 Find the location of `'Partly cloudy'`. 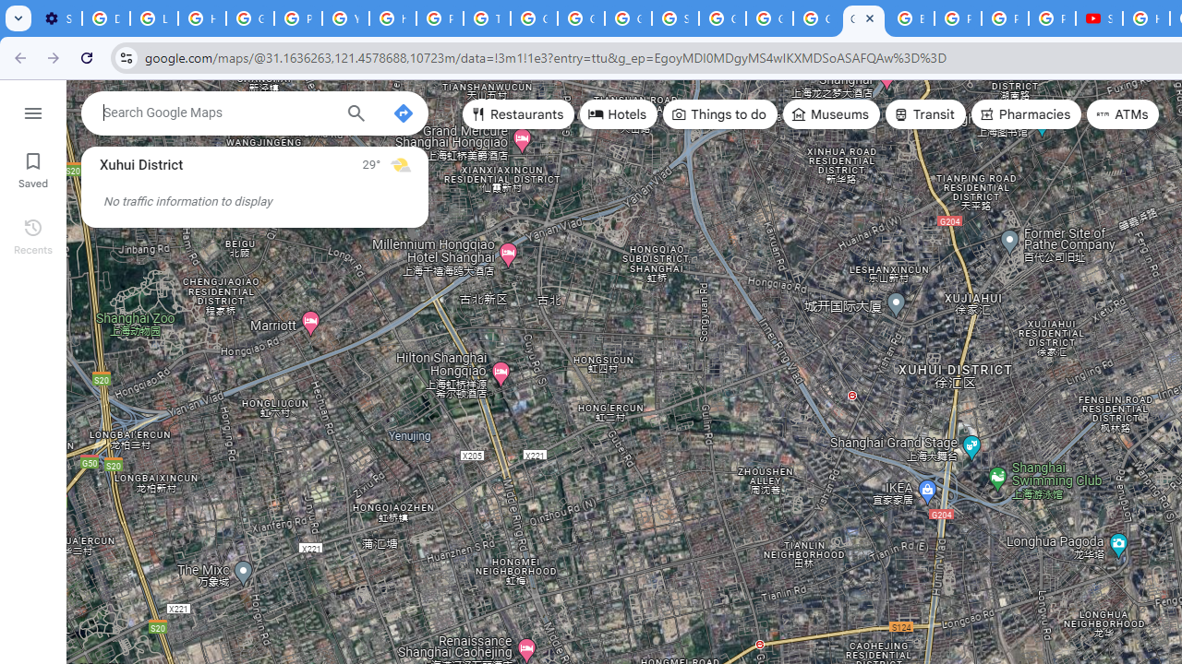

'Partly cloudy' is located at coordinates (399, 163).